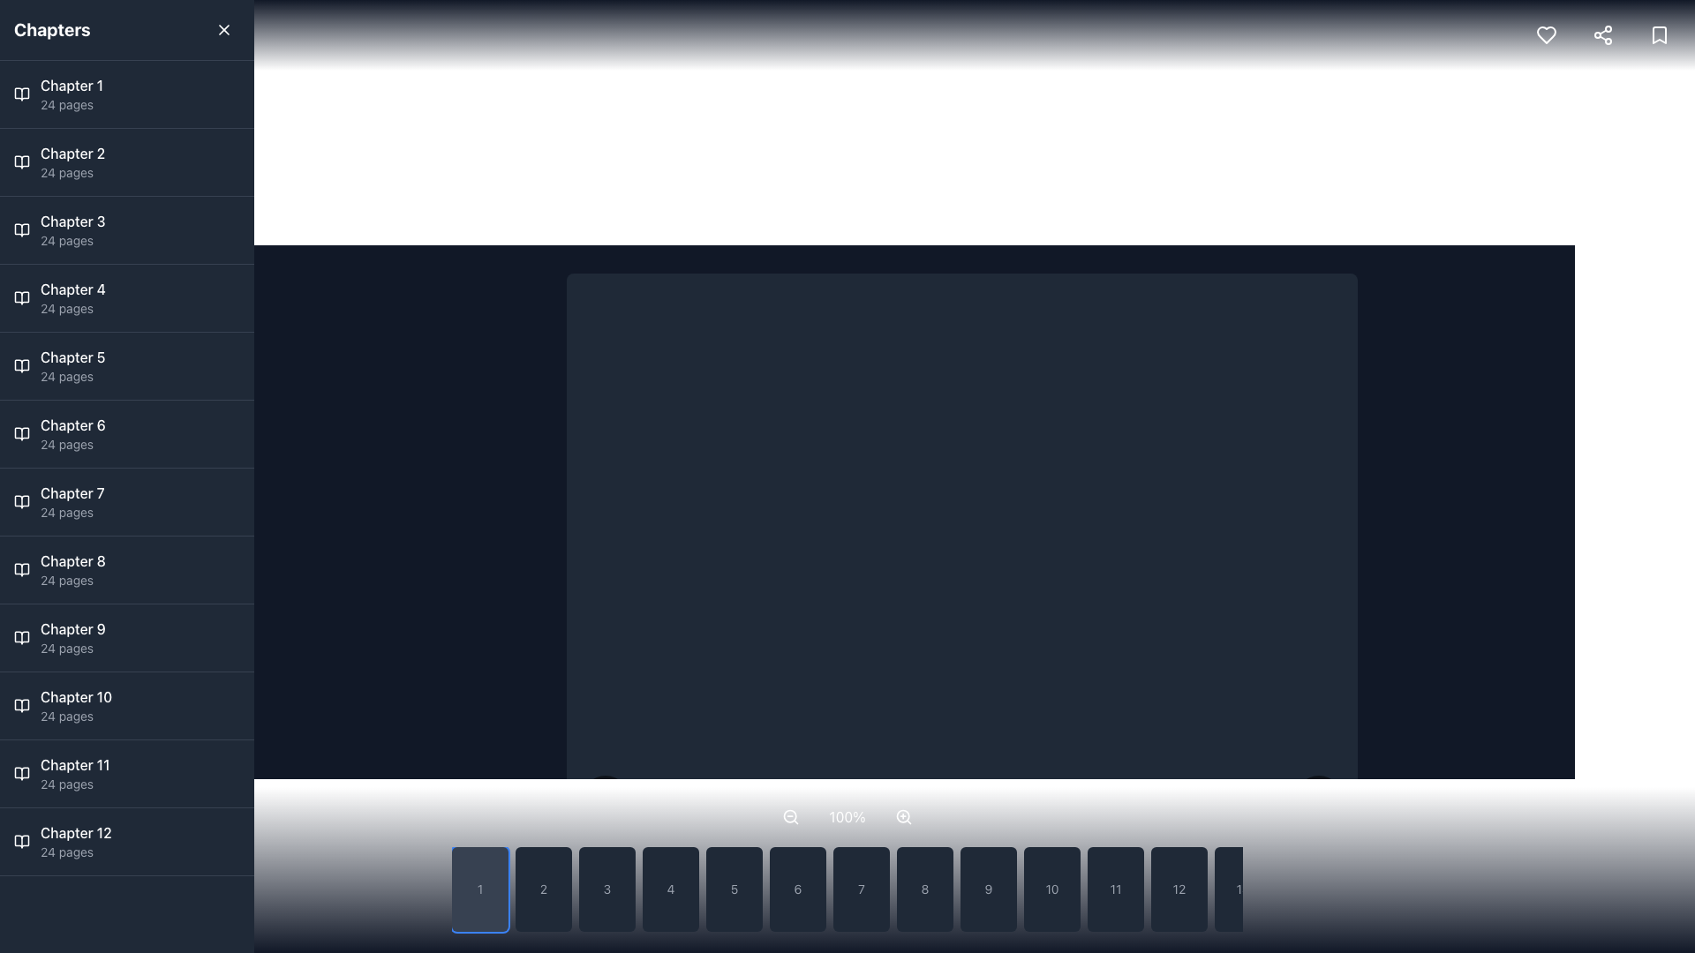 The height and width of the screenshot is (953, 1695). I want to click on the open book icon located in the left sidebar's list of chapters, so click(21, 840).